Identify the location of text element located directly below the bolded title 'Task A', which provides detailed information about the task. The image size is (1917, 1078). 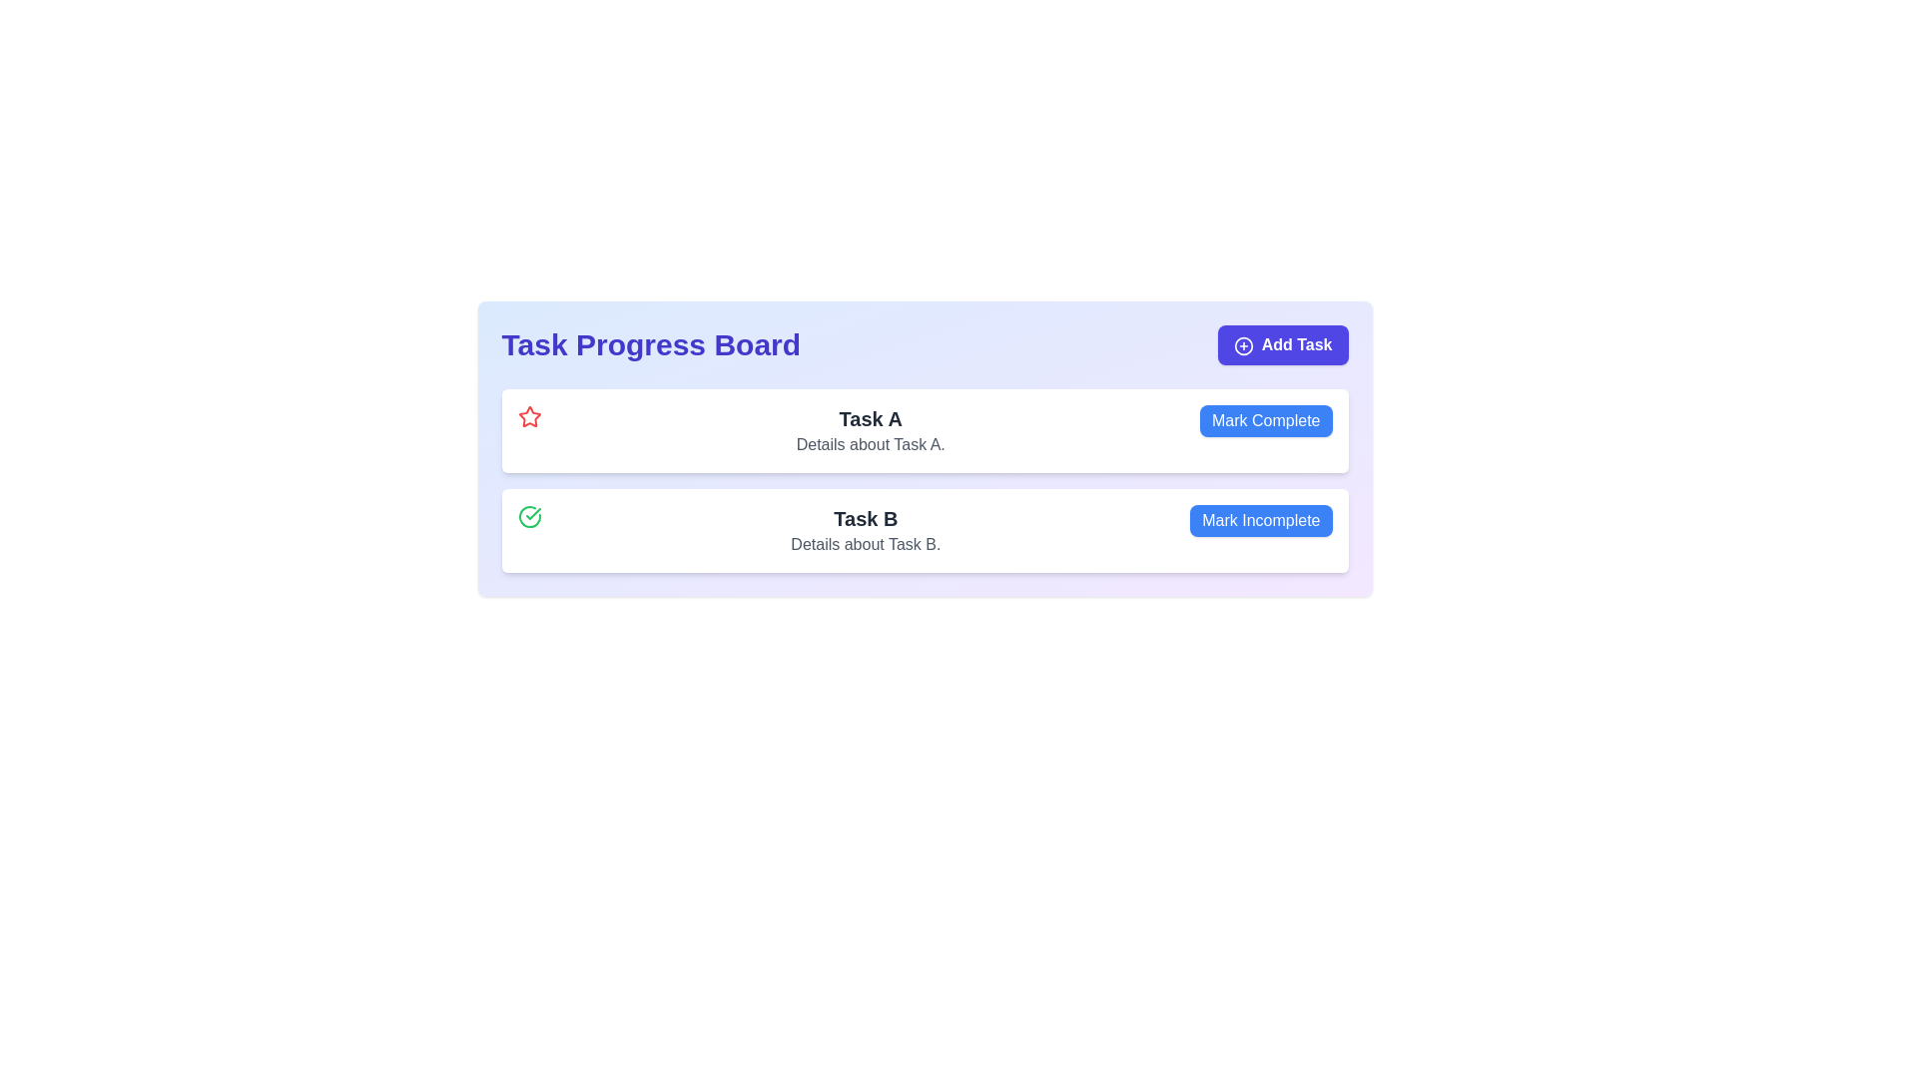
(871, 444).